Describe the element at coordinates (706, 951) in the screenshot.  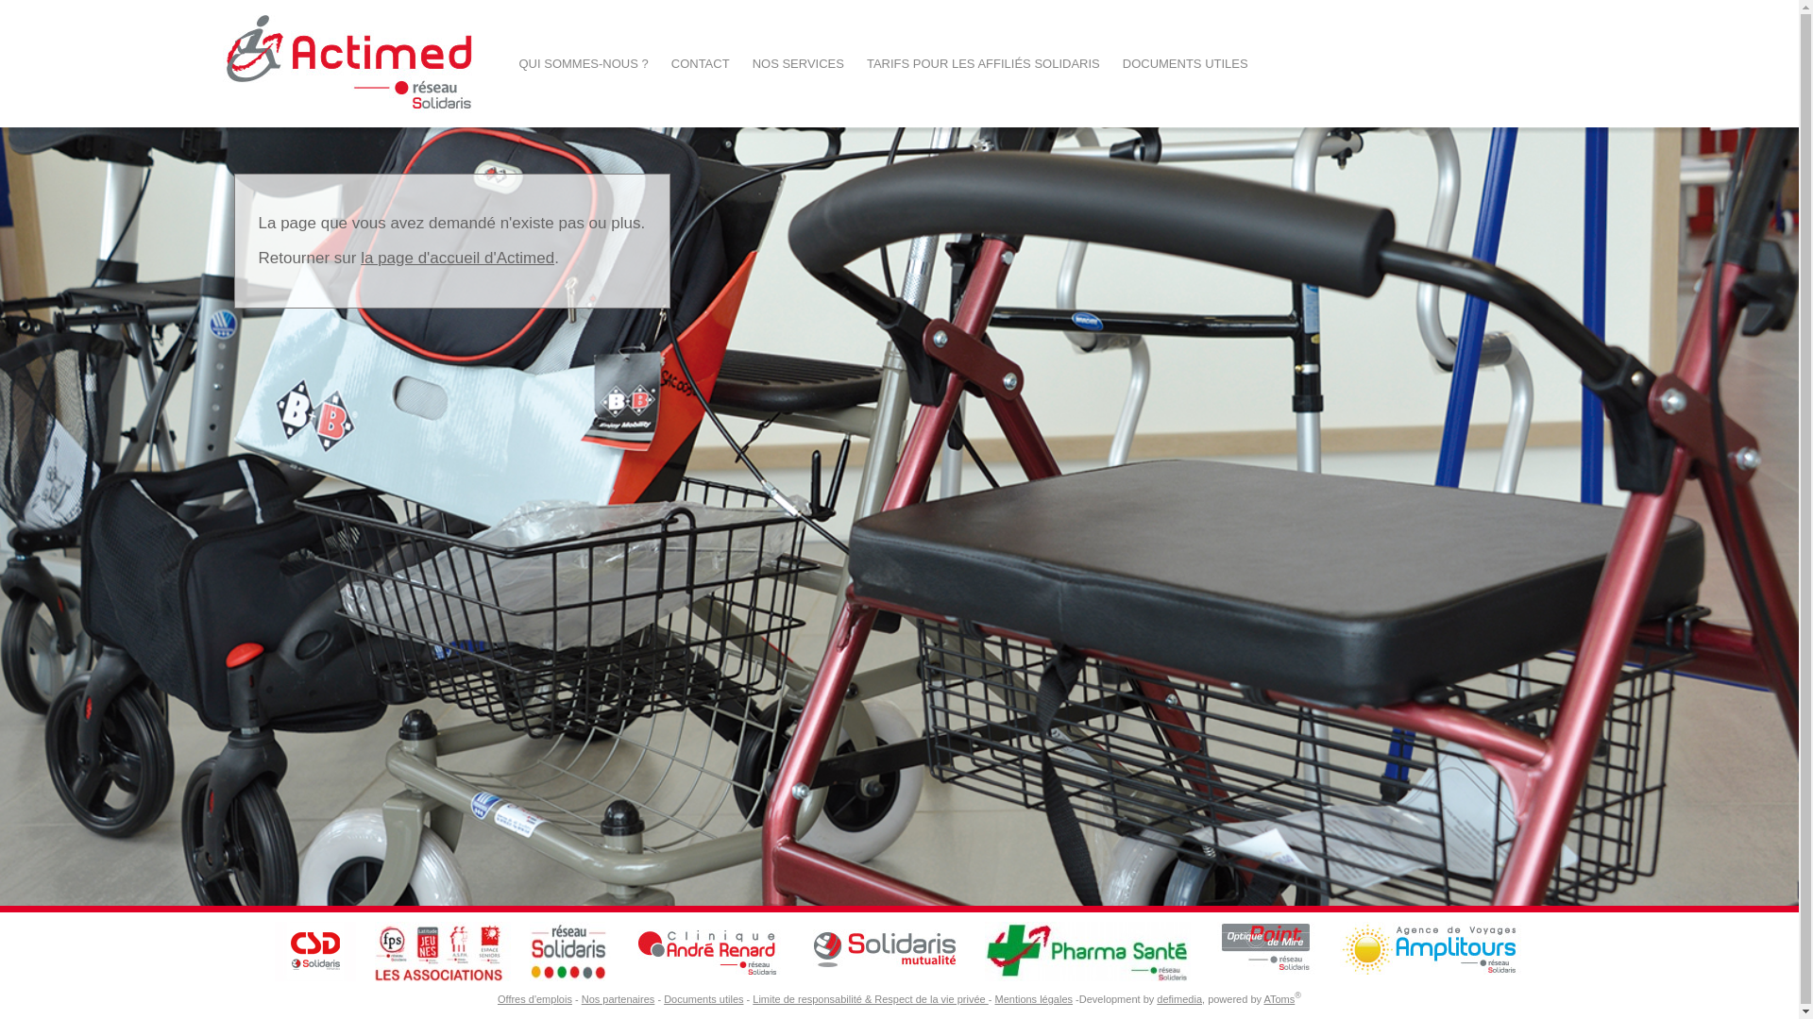
I see `'logo-clinique'` at that location.